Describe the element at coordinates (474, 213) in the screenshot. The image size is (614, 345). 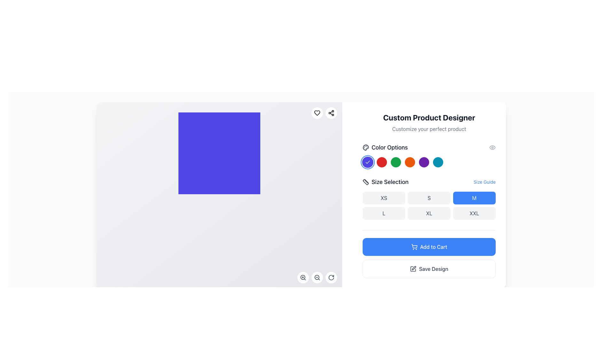
I see `the rectangular button labeled 'XXL' with a light gray background` at that location.